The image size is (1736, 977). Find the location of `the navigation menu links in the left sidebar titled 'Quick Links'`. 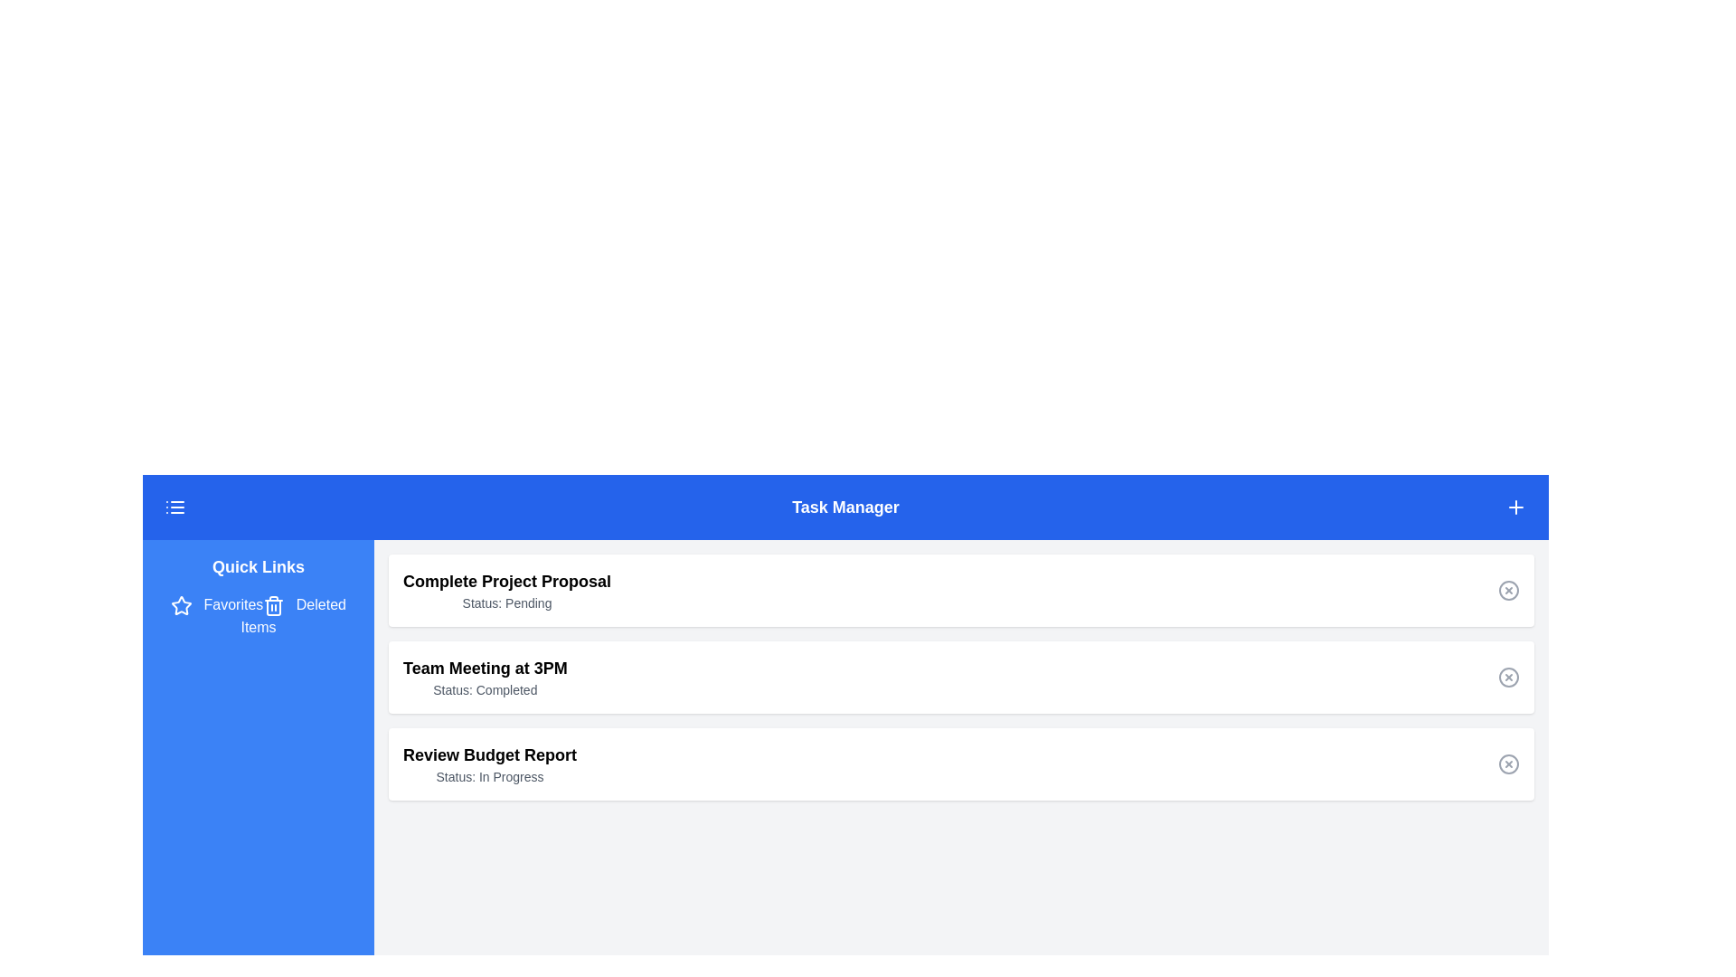

the navigation menu links in the left sidebar titled 'Quick Links' is located at coordinates (258, 615).